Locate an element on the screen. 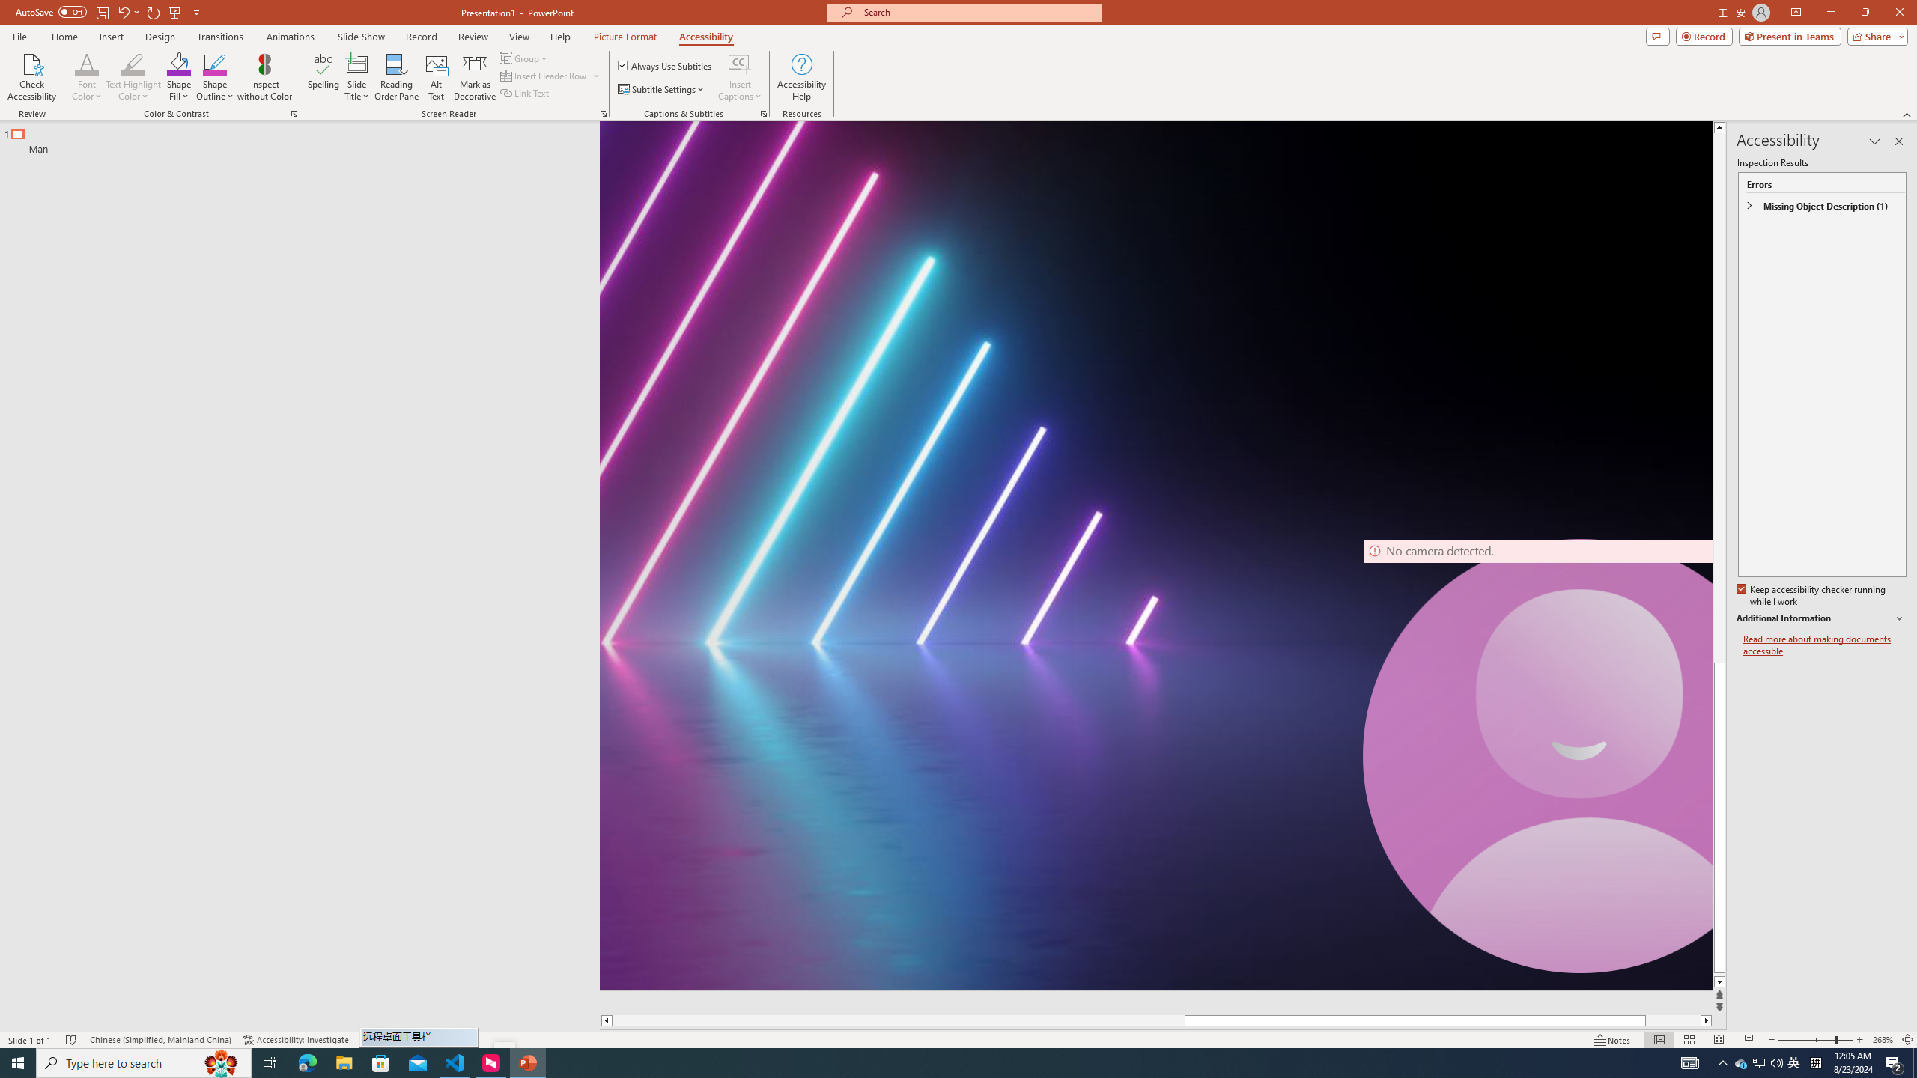 The height and width of the screenshot is (1078, 1917). 'Customize Quick Access Toolbar' is located at coordinates (195, 11).